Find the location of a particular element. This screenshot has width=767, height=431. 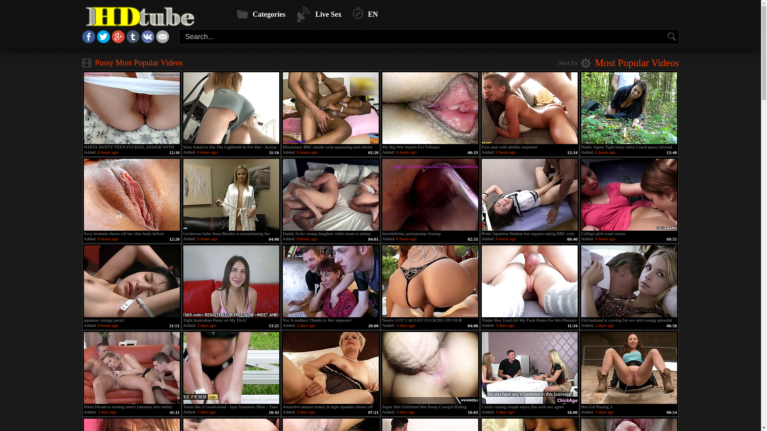

'Share on VK' is located at coordinates (147, 41).